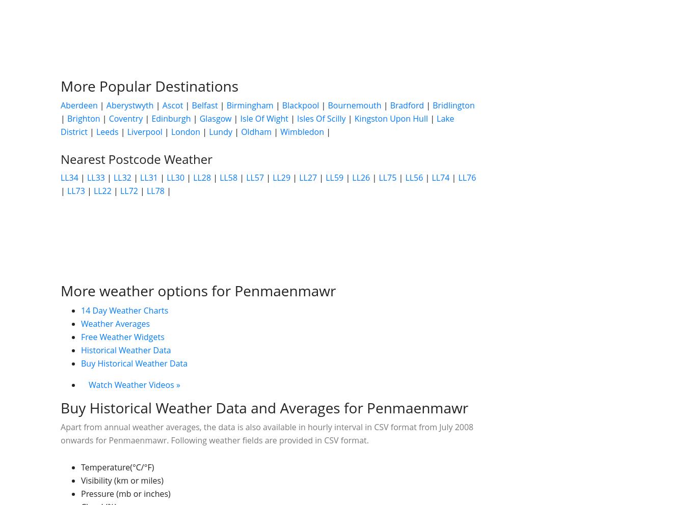  What do you see at coordinates (198, 290) in the screenshot?
I see `'More weather options for Penmaenmawr'` at bounding box center [198, 290].